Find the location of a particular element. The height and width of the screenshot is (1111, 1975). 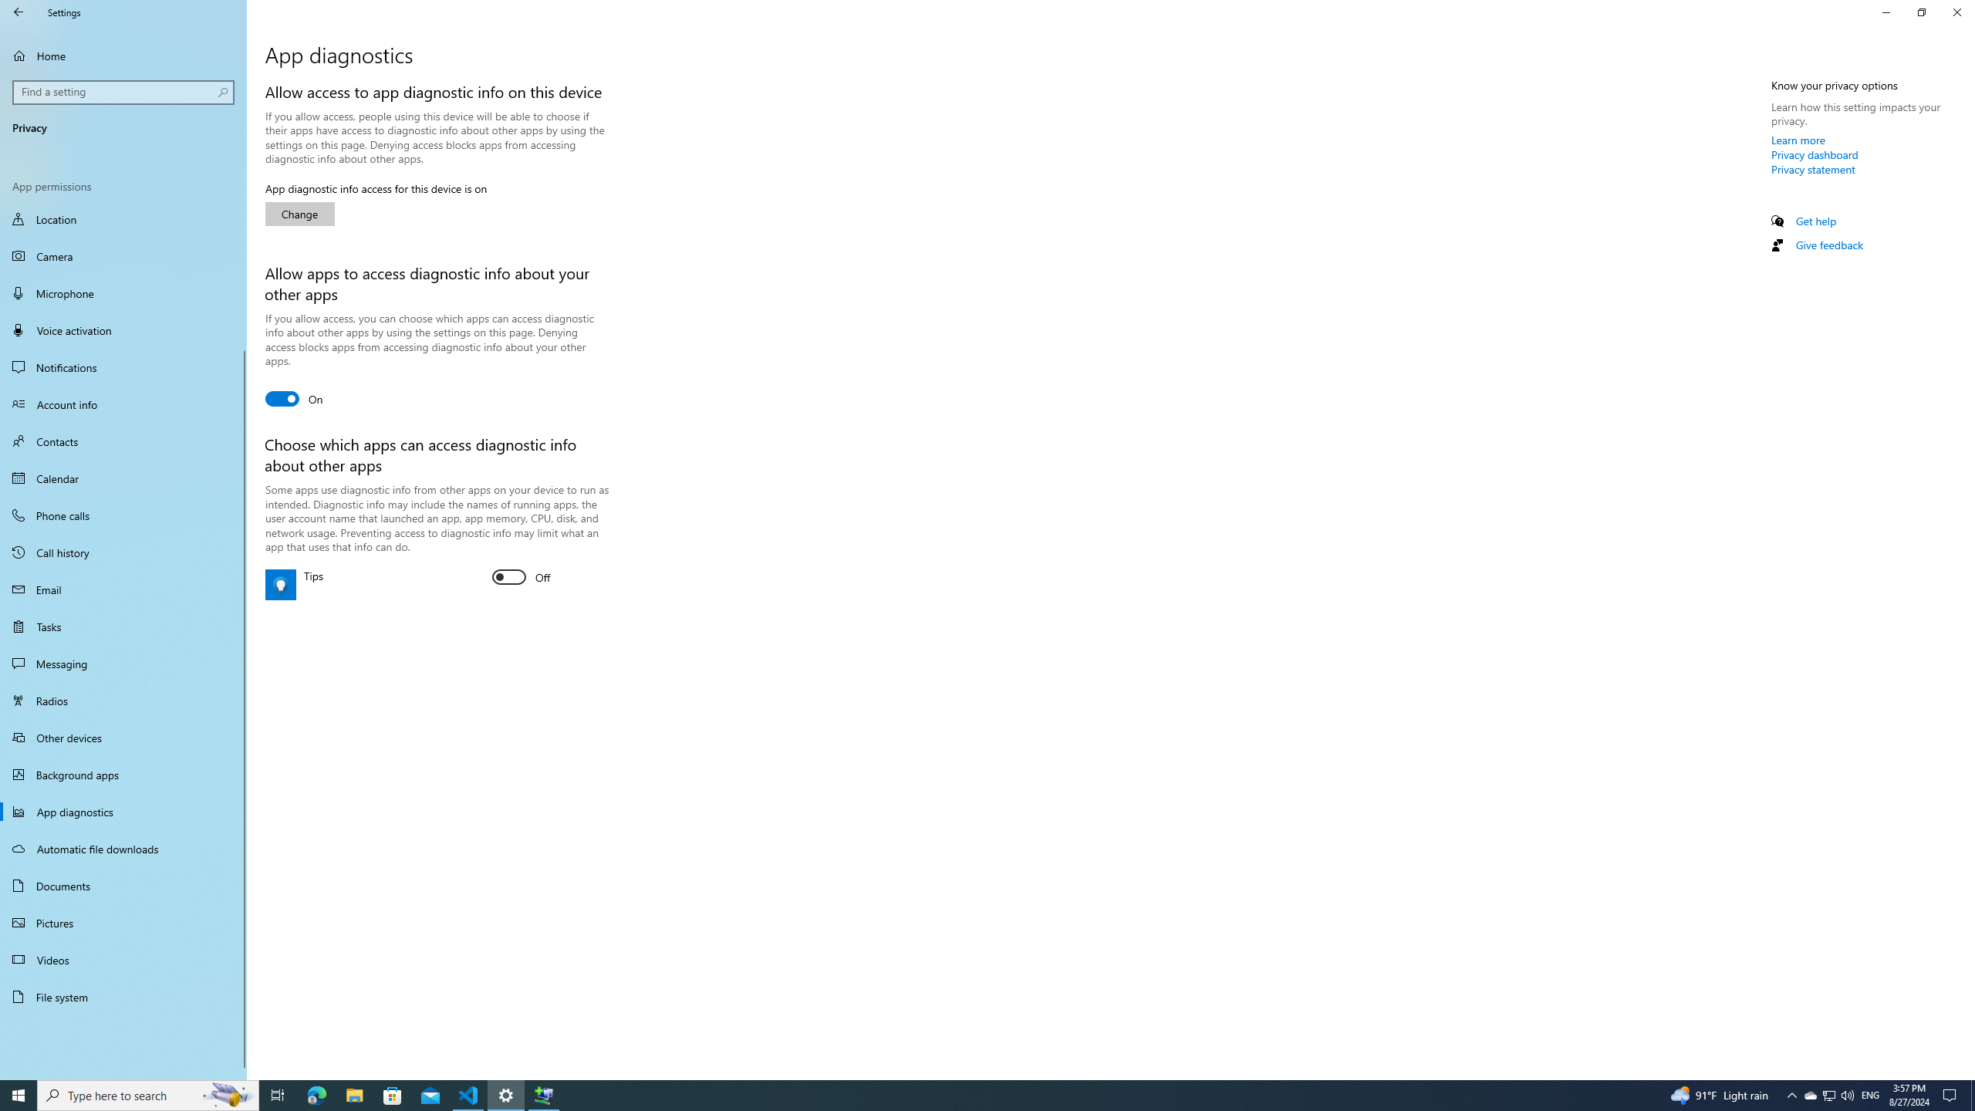

'Allow apps to access diagnostic info about your other apps' is located at coordinates (293, 398).